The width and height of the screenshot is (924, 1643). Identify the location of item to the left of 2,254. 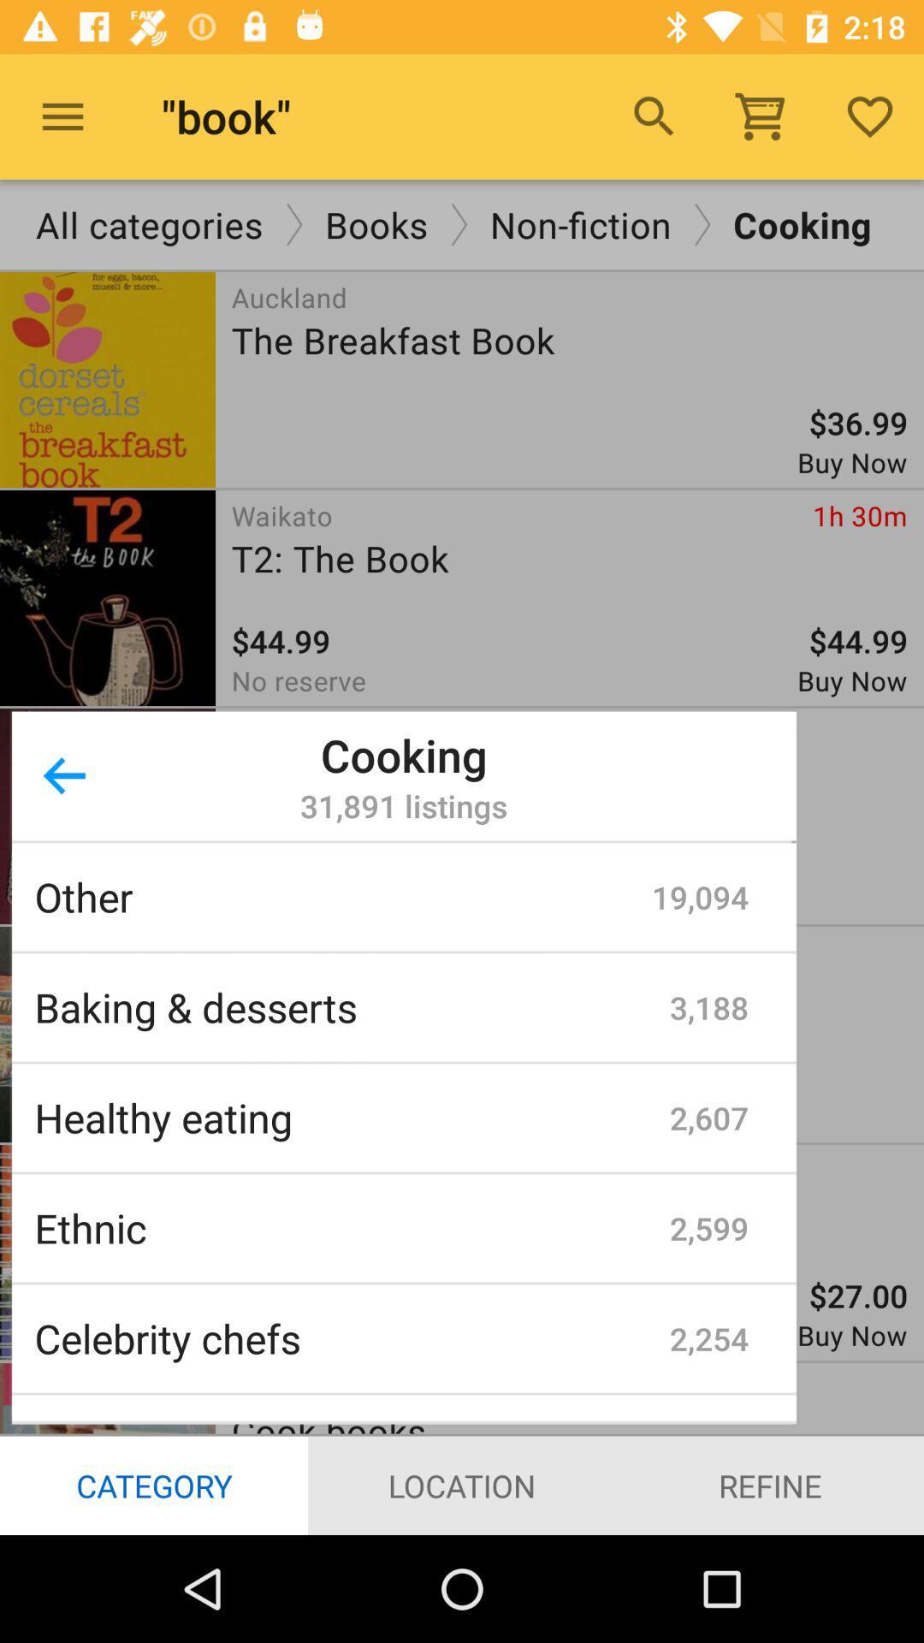
(351, 1338).